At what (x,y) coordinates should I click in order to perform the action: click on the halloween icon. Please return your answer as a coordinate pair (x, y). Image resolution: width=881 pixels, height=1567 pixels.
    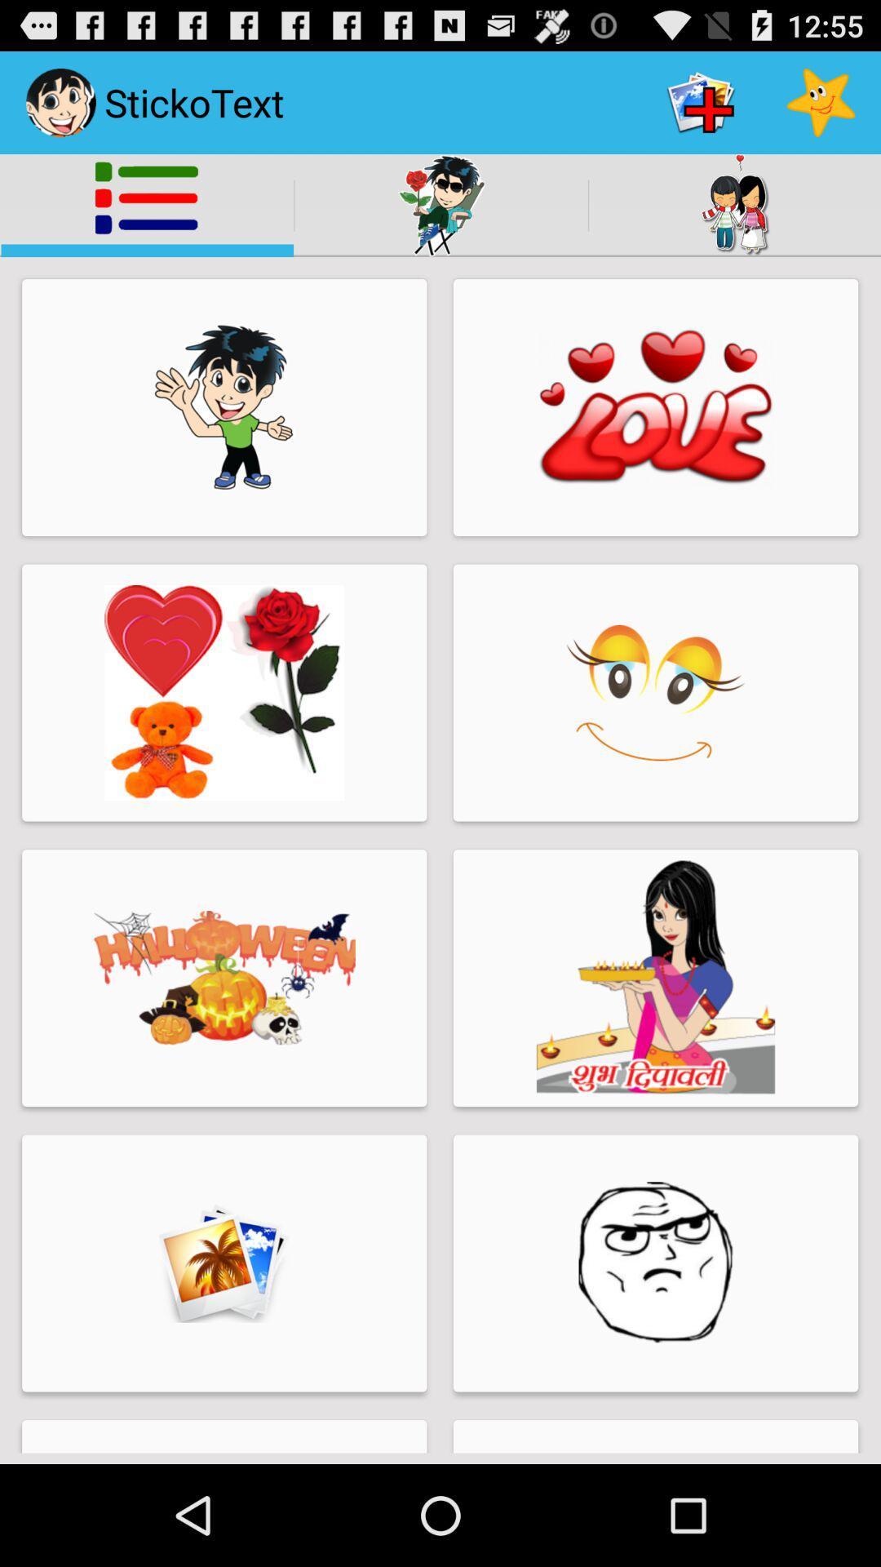
    Looking at the image, I should click on (224, 978).